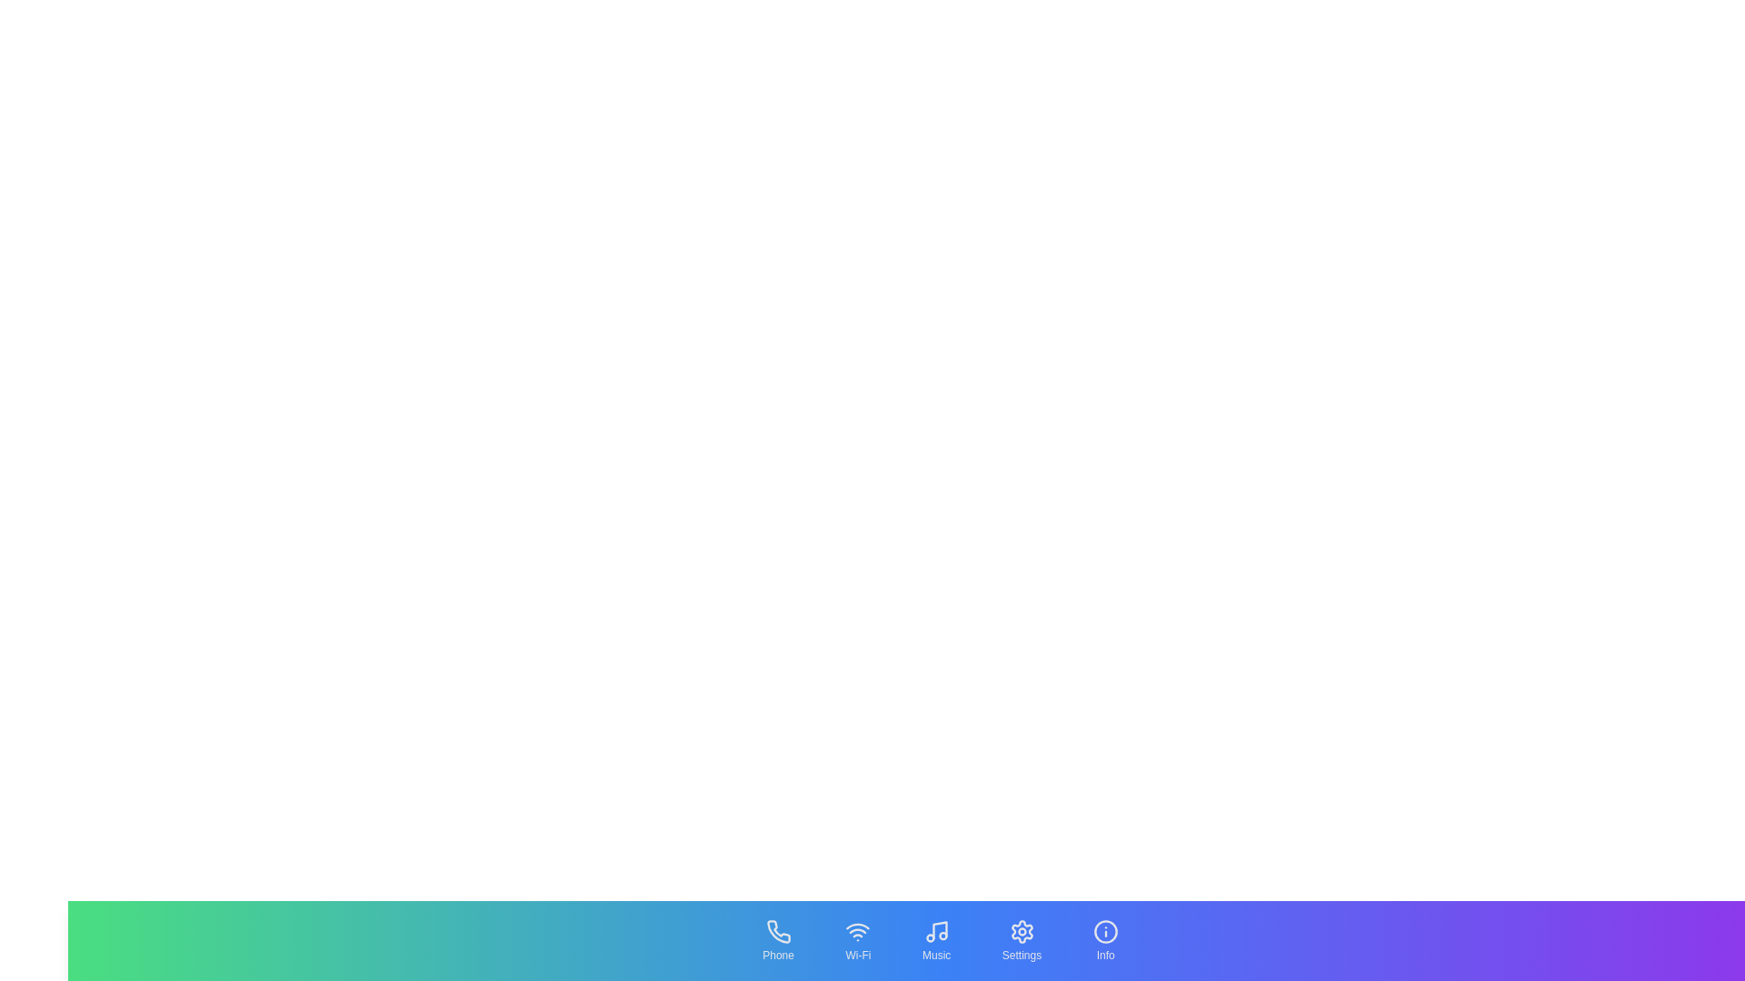 The width and height of the screenshot is (1745, 981). I want to click on the navigation option Phone, so click(777, 940).